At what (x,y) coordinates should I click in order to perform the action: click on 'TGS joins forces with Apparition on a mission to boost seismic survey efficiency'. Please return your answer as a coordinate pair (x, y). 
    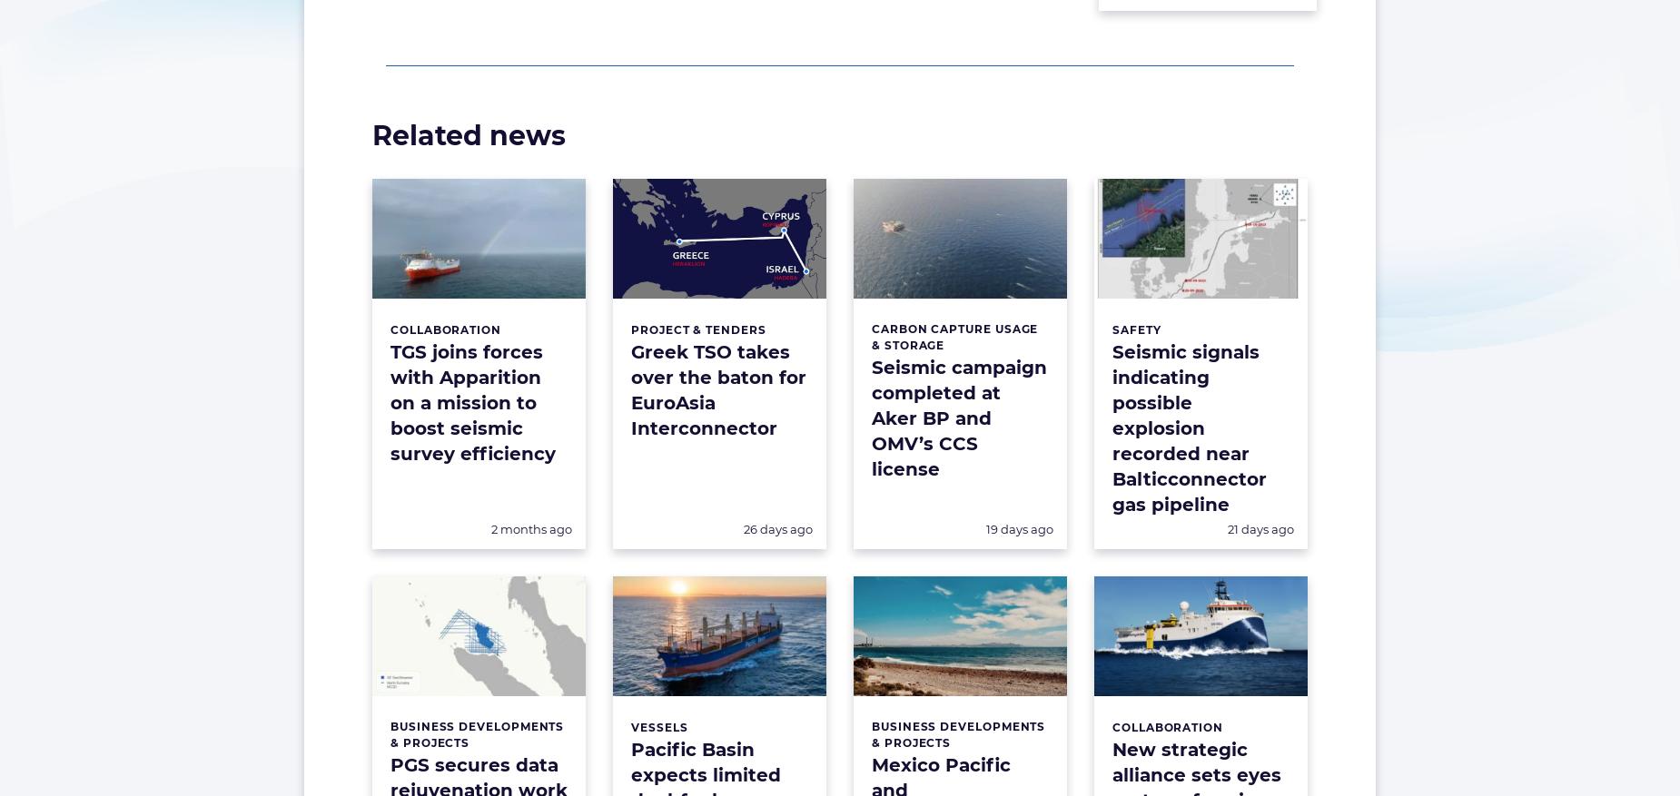
    Looking at the image, I should click on (472, 401).